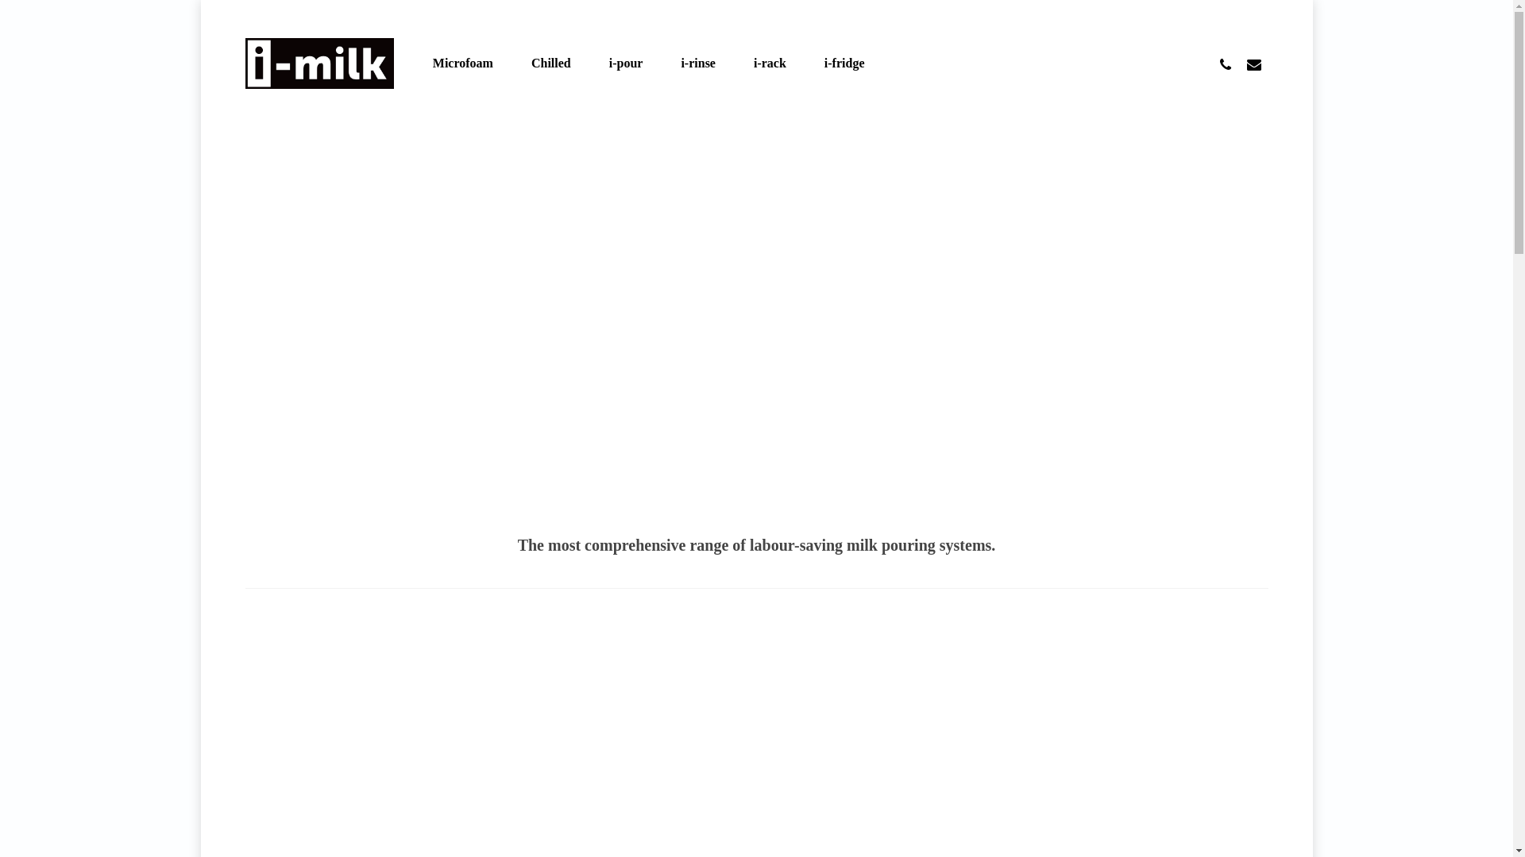  I want to click on 'blog articles', so click(353, 831).